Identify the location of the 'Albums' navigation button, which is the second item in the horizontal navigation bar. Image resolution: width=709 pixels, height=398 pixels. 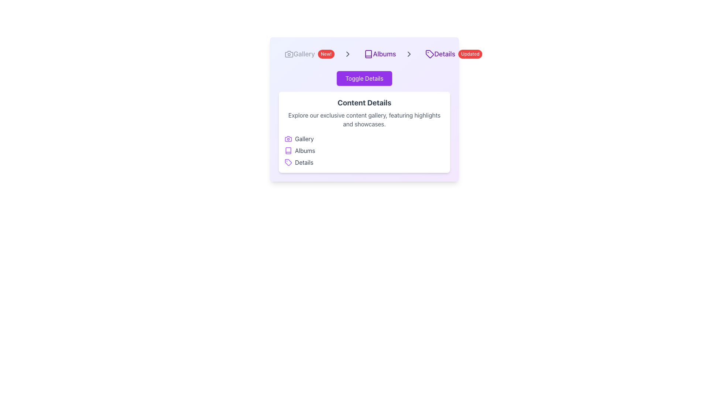
(380, 53).